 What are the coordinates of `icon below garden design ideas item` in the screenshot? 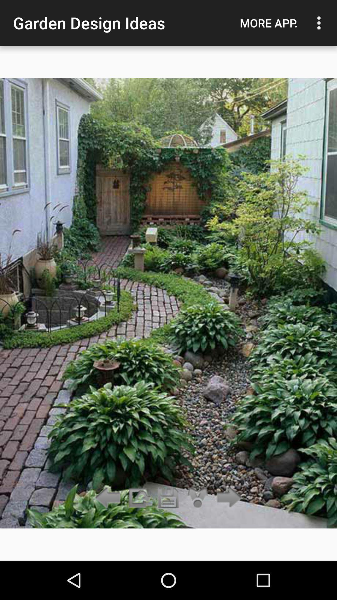 It's located at (168, 498).